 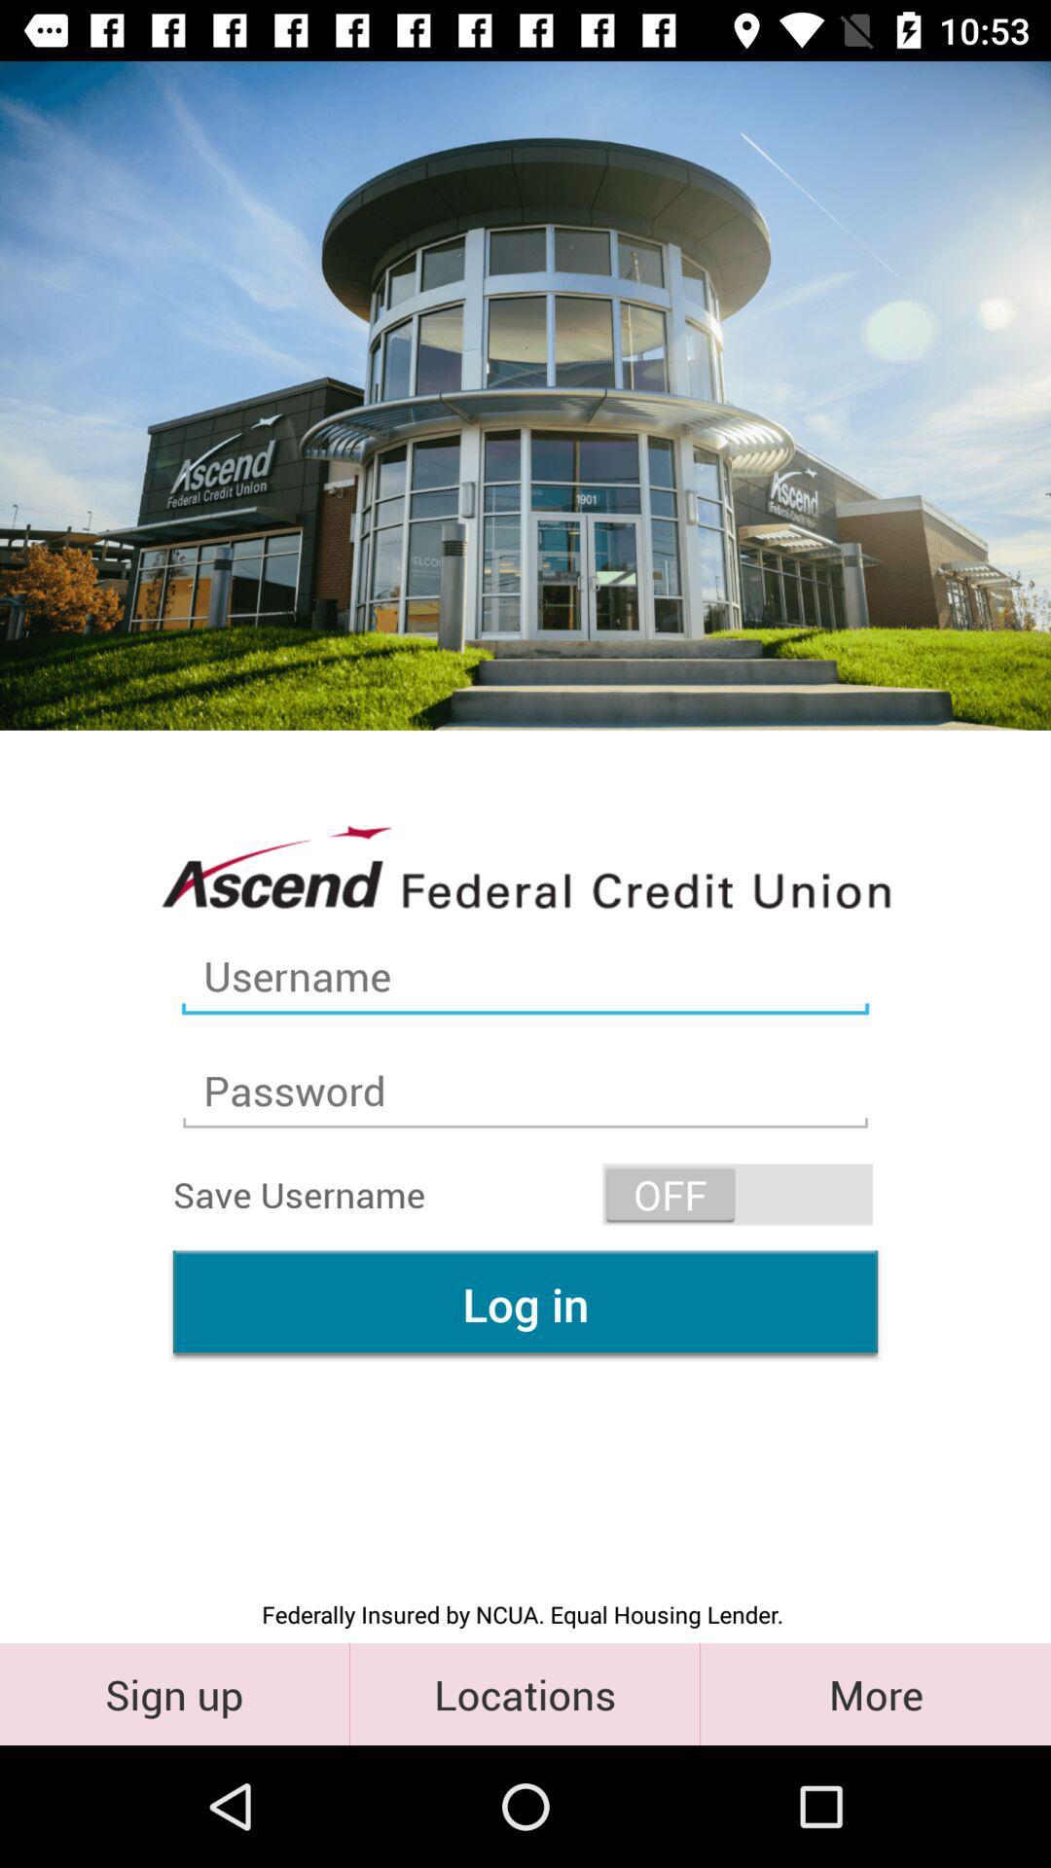 What do you see at coordinates (525, 864) in the screenshot?
I see `read the text below the image` at bounding box center [525, 864].